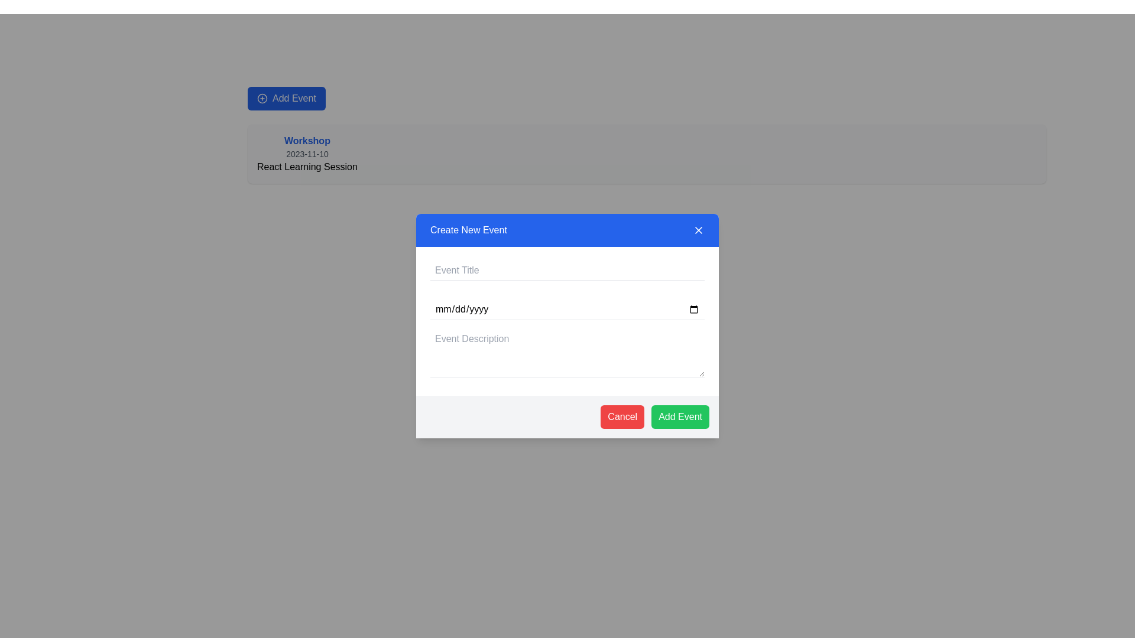 The height and width of the screenshot is (638, 1135). Describe the element at coordinates (307, 154) in the screenshot. I see `the multi-line text block titled 'Workshop' which includes the date '2023-11-10' and the text 'React Learning Session'` at that location.